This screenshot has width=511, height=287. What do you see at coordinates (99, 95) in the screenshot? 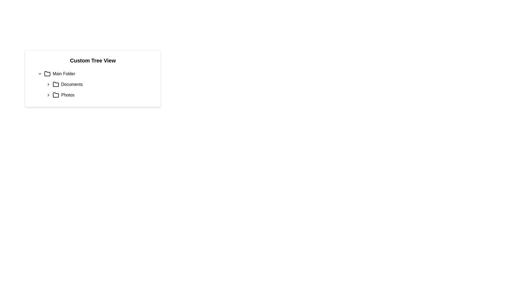
I see `the 'Photos' folder, which is the second item in the vertical list under the 'Main Folder' category` at bounding box center [99, 95].